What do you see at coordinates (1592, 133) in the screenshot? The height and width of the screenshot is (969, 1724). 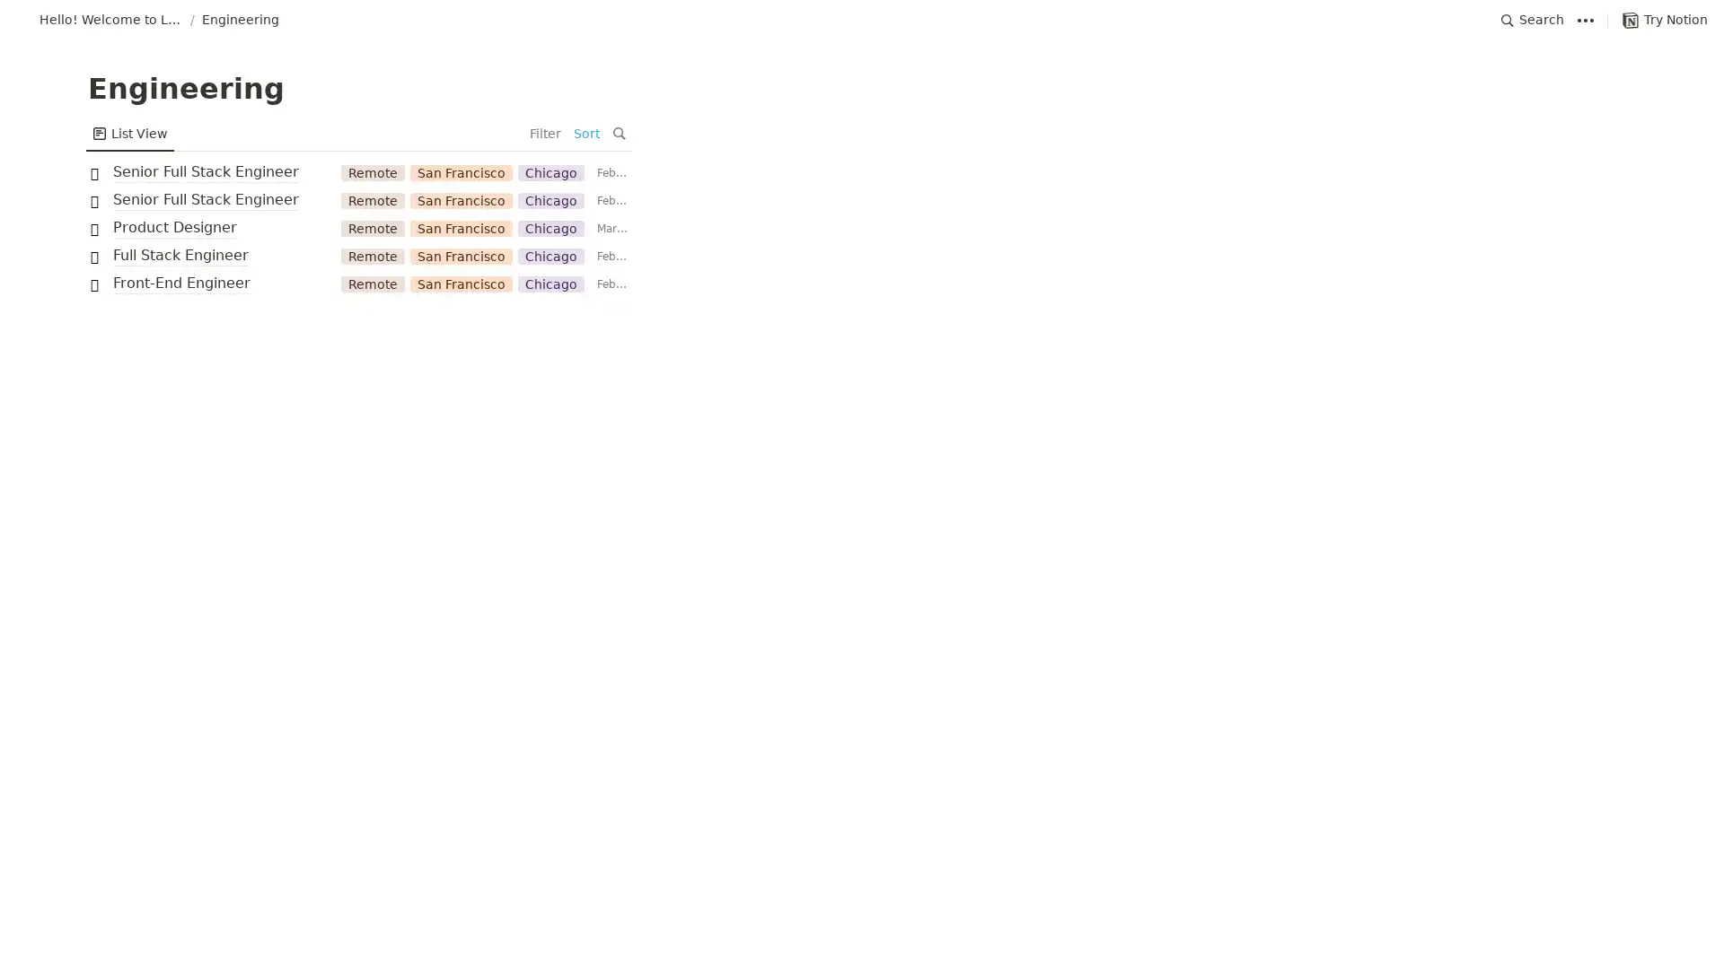 I see `Sort` at bounding box center [1592, 133].